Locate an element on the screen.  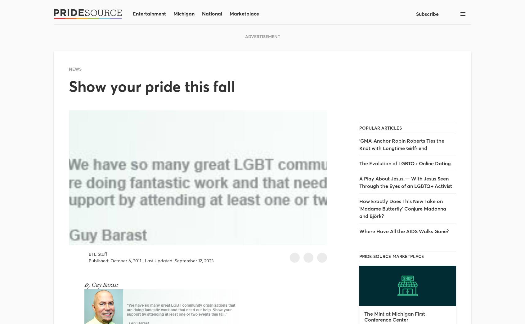
'The rapper-singer has amassed a vocally supportive queer following thanks to his now-private thirst-trap-happy Instagram feed and his outspoken LGBTQ+ allyship.' is located at coordinates (125, 157).